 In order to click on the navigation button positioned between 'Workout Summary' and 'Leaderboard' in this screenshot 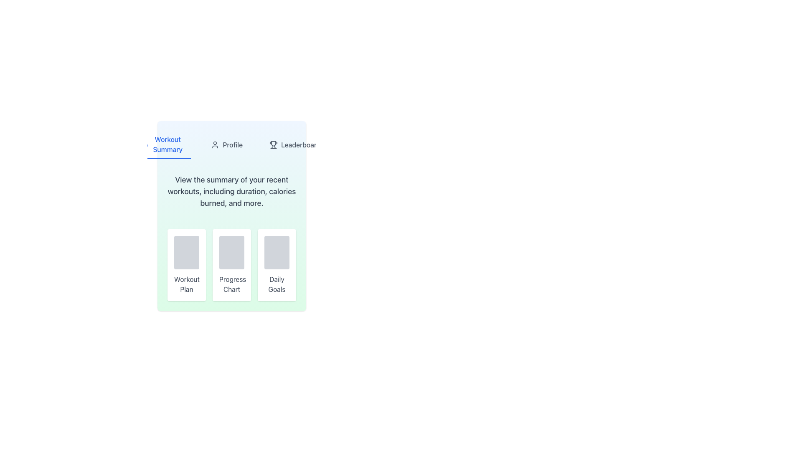, I will do `click(232, 147)`.